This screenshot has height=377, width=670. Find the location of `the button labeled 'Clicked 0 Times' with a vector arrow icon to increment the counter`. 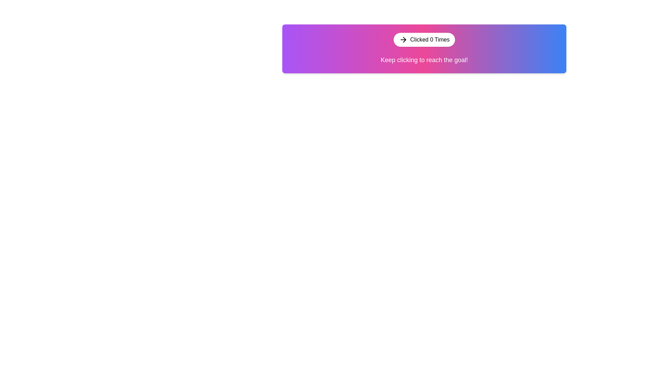

the button labeled 'Clicked 0 Times' with a vector arrow icon to increment the counter is located at coordinates (424, 40).